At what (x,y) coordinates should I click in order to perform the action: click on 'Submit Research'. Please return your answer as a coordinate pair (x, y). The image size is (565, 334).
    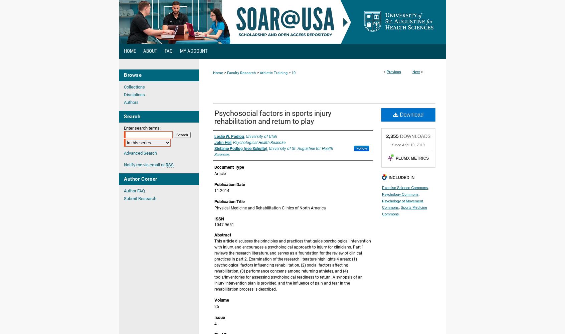
    Looking at the image, I should click on (140, 198).